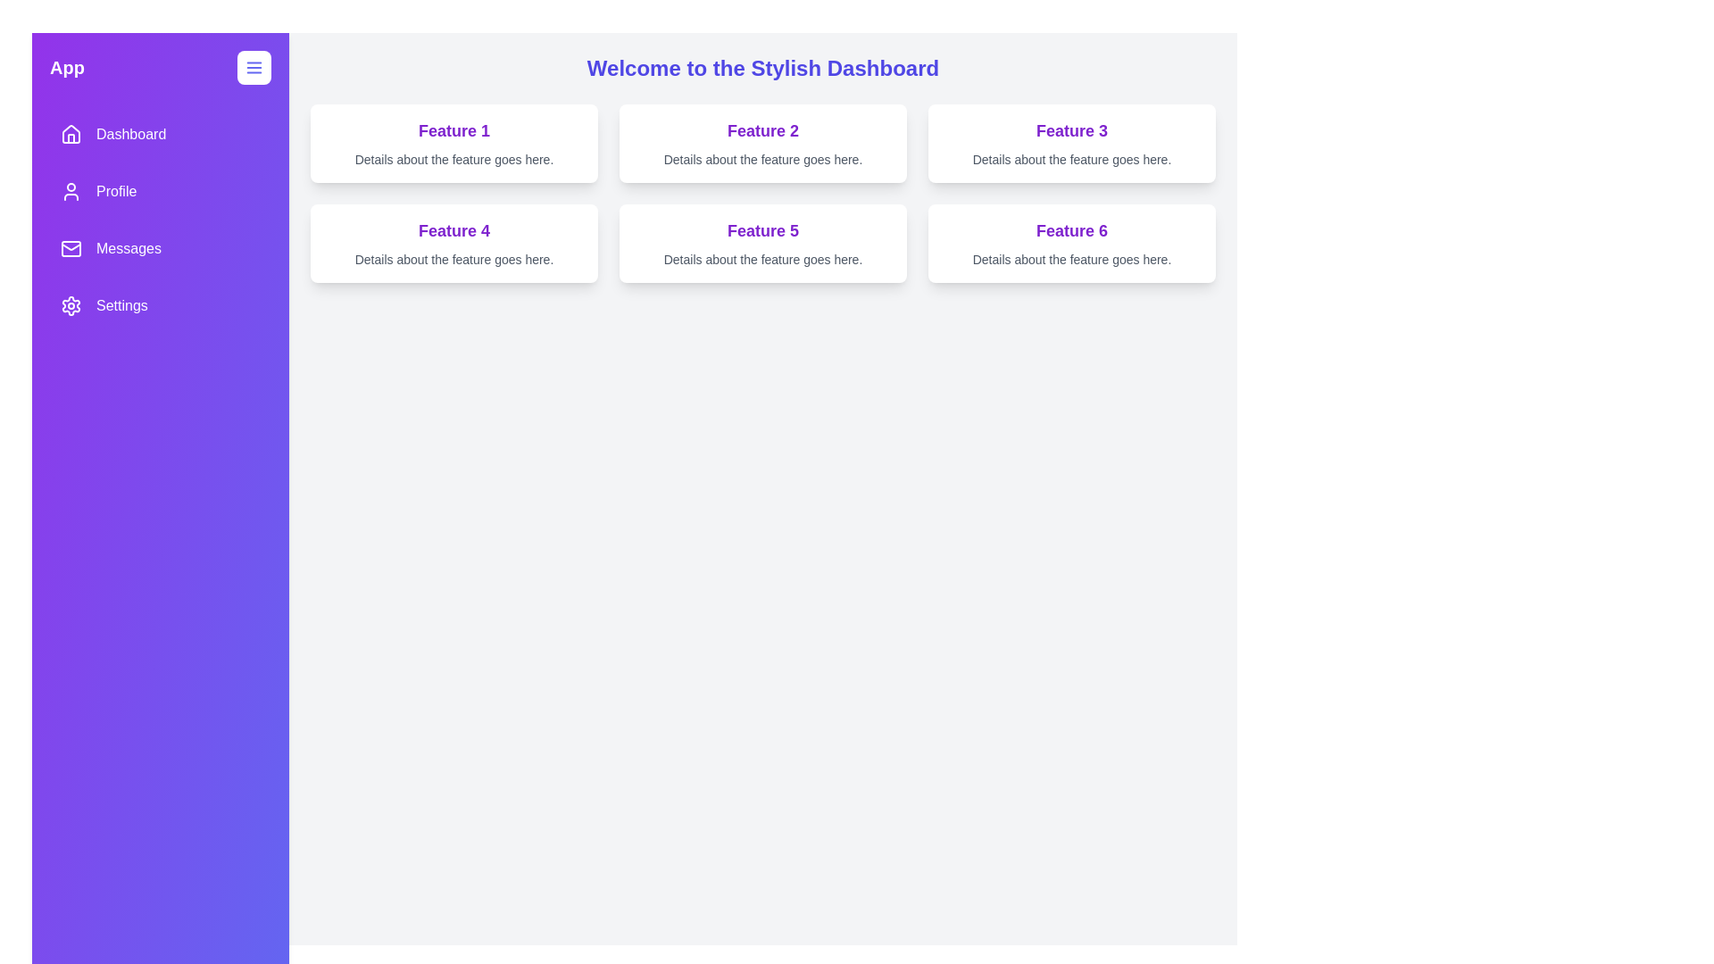  Describe the element at coordinates (71, 133) in the screenshot. I see `the house outline icon located in the vertical navigation bar to the left of the 'Dashboard' label` at that location.